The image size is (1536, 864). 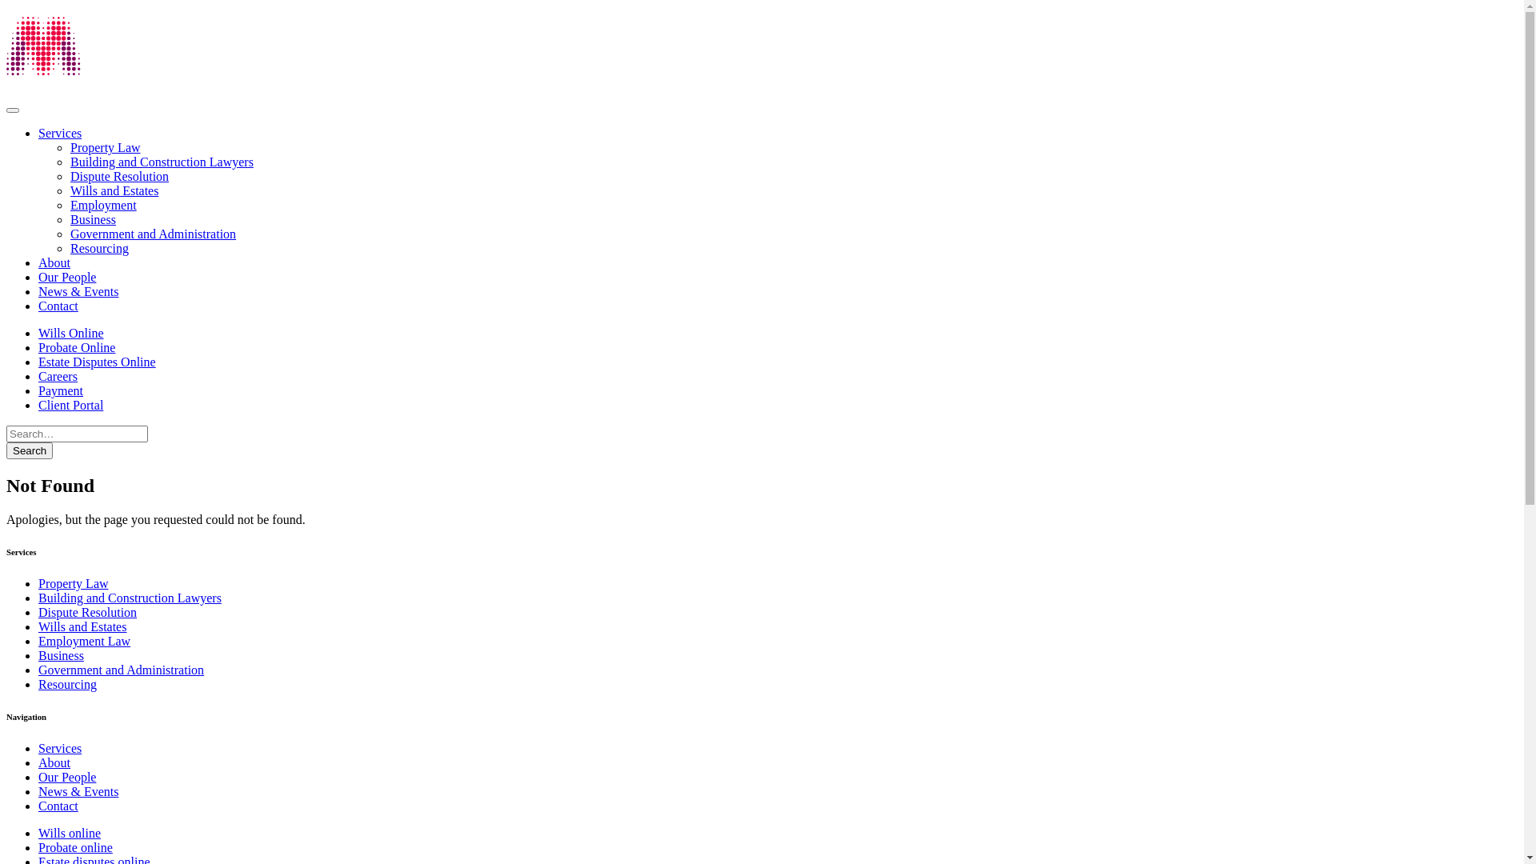 I want to click on 'Employment', so click(x=102, y=204).